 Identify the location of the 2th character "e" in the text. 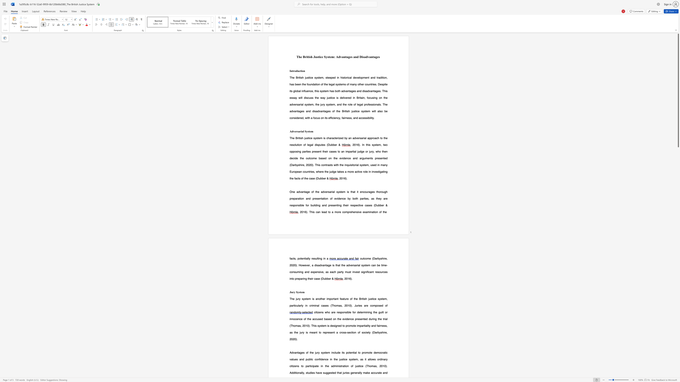
(361, 312).